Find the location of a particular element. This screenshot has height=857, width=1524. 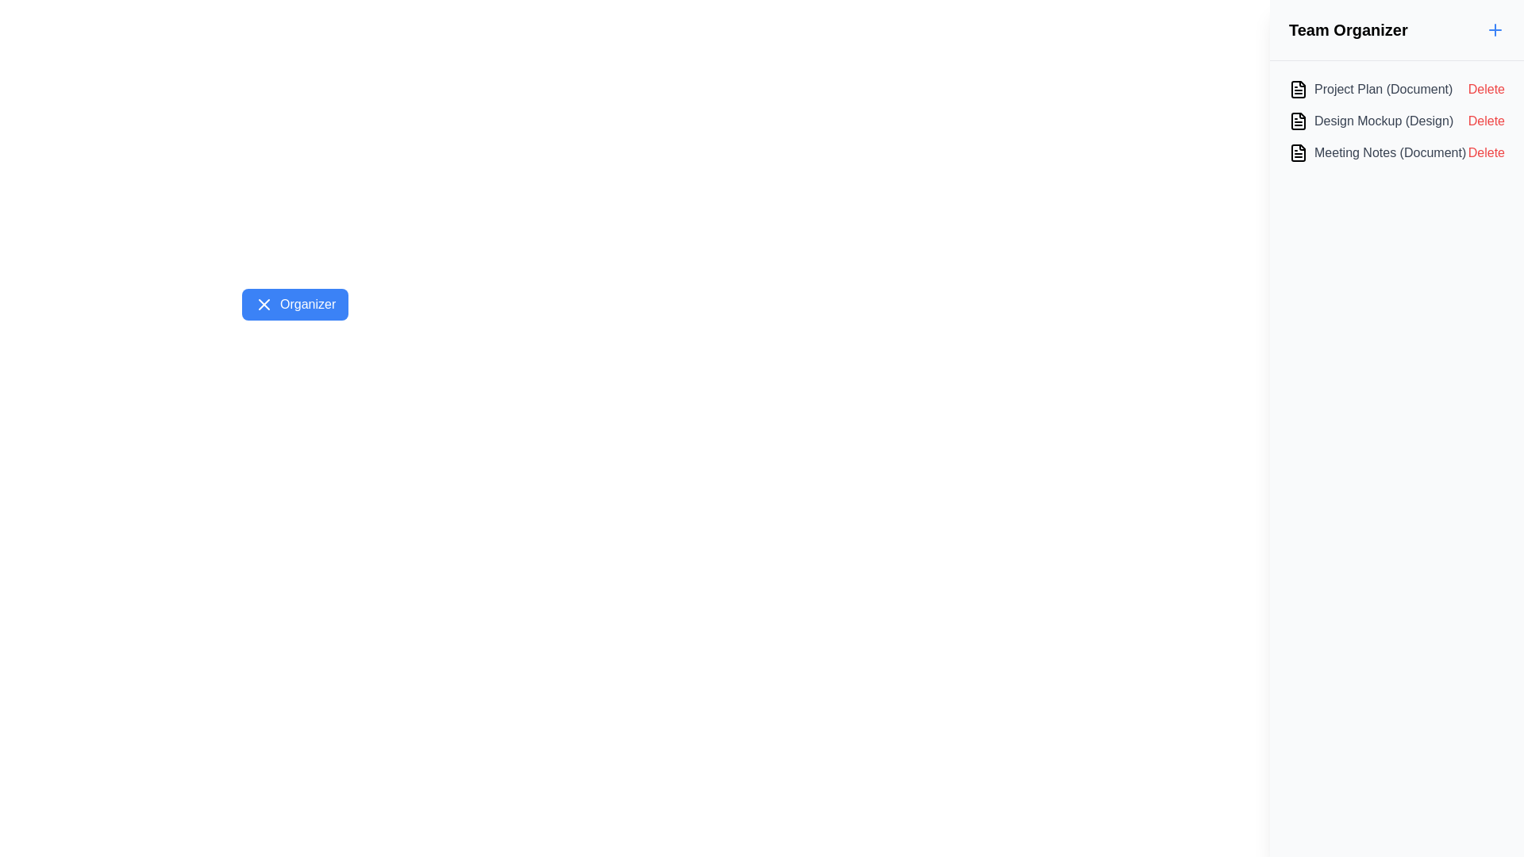

the document icon located in the second row of the vertical list in the right sidebar, which represents a document item associated with the text 'Design Mockup (Design)' is located at coordinates (1299, 121).